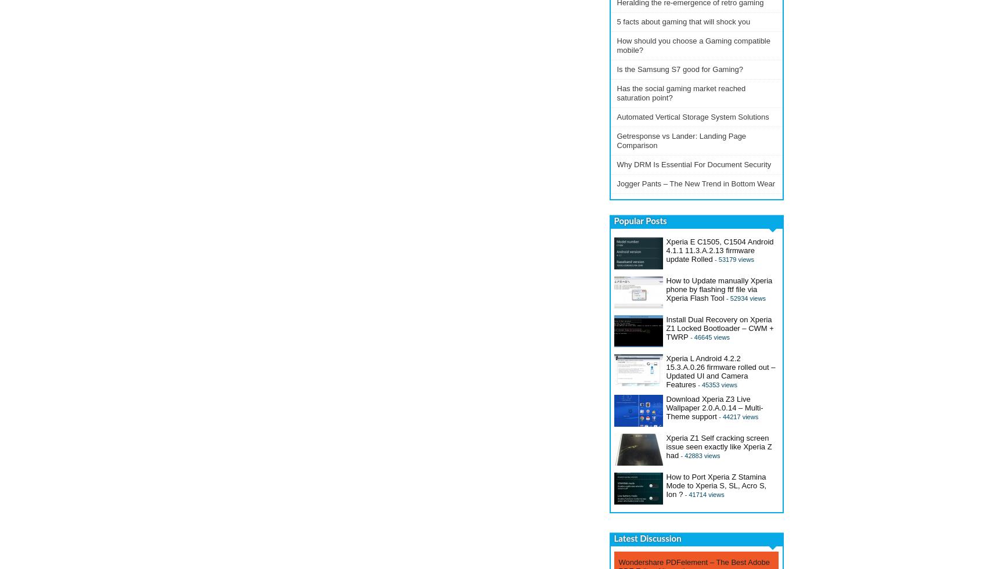  I want to click on 'Latest Discussion', so click(613, 539).